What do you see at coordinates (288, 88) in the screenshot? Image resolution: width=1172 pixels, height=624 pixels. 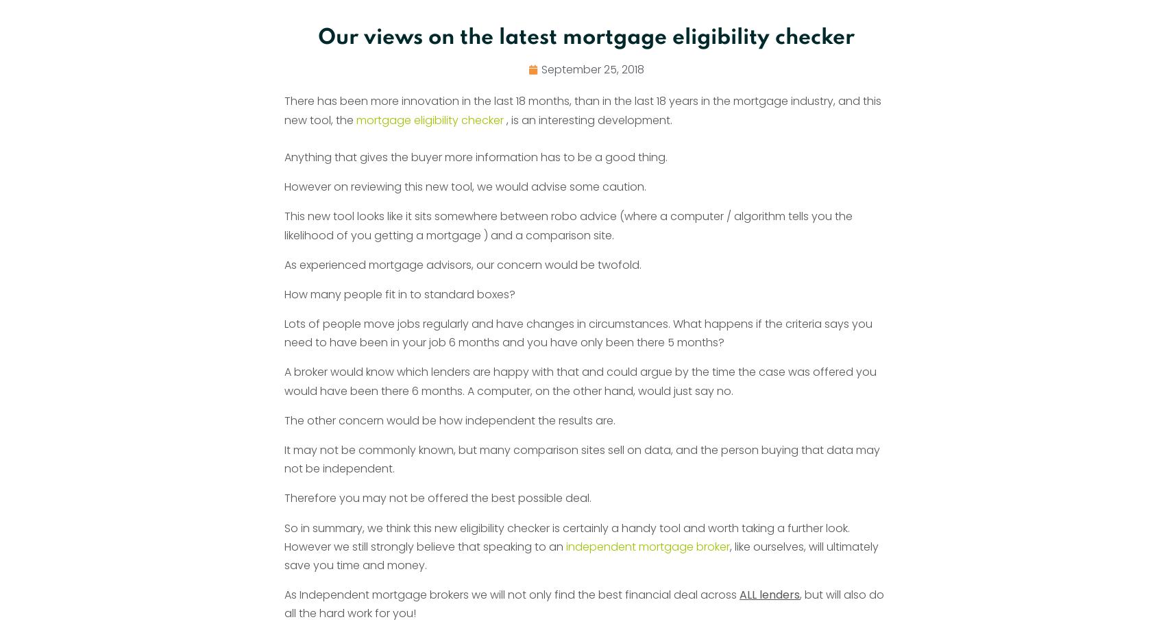 I see `'Mihai Barbu'` at bounding box center [288, 88].